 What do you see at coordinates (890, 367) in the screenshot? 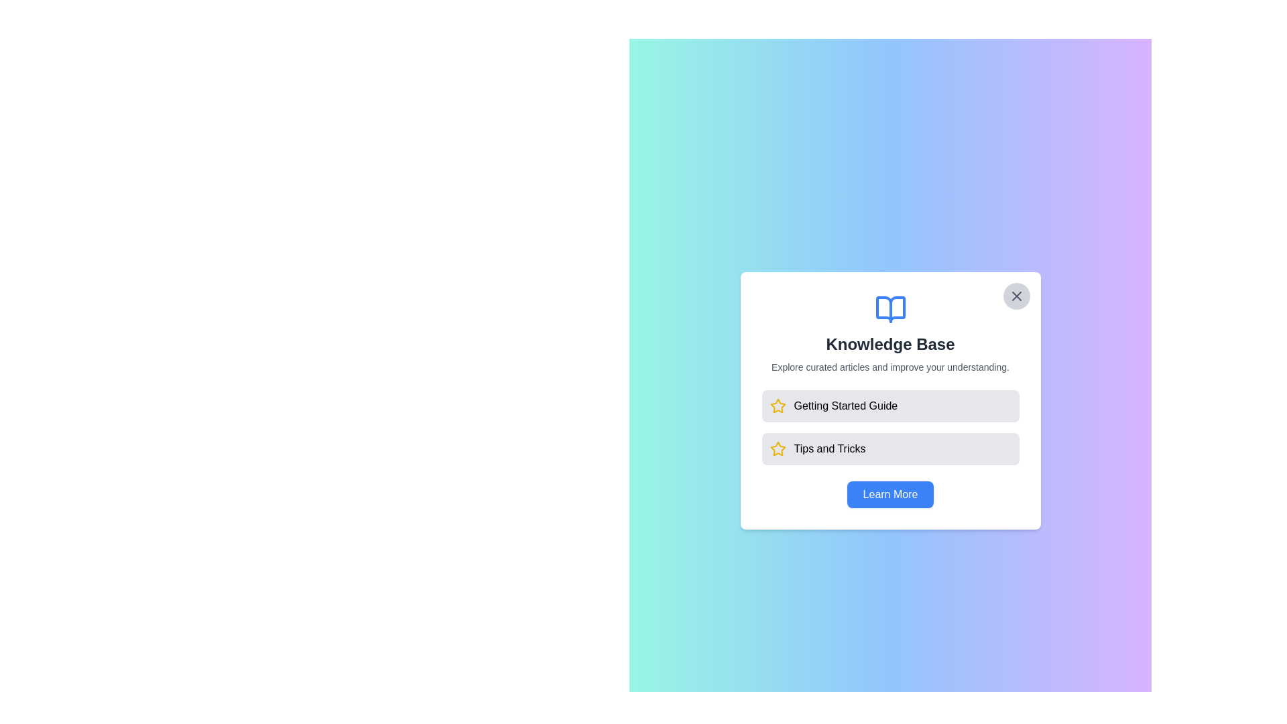
I see `the text label displaying 'Explore curated articles and improve your understanding.' which is centrally placed below the heading 'Knowledge Base' in the pop-up interface` at bounding box center [890, 367].